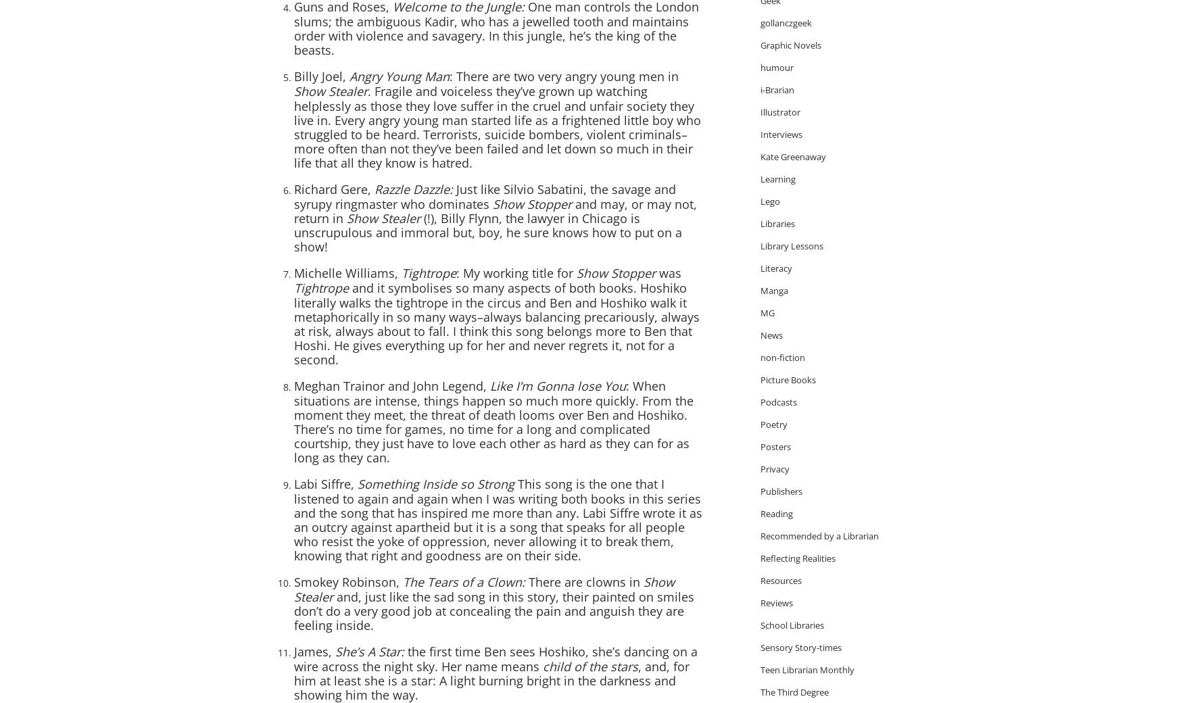 The image size is (1183, 703). Describe the element at coordinates (778, 401) in the screenshot. I see `'Podcasts'` at that location.